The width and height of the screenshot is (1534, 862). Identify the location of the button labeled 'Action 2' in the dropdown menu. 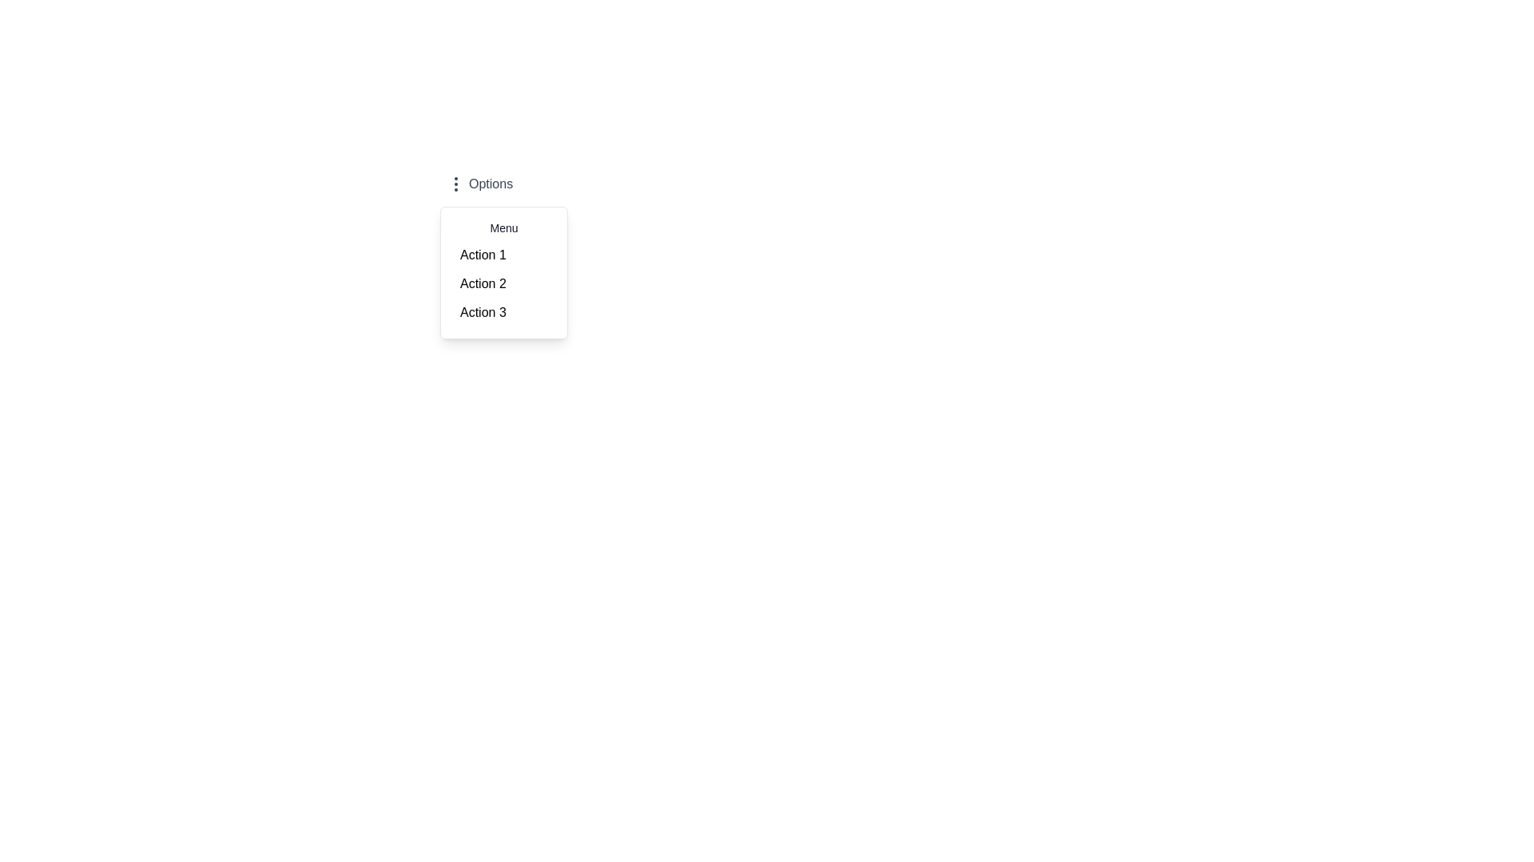
(503, 283).